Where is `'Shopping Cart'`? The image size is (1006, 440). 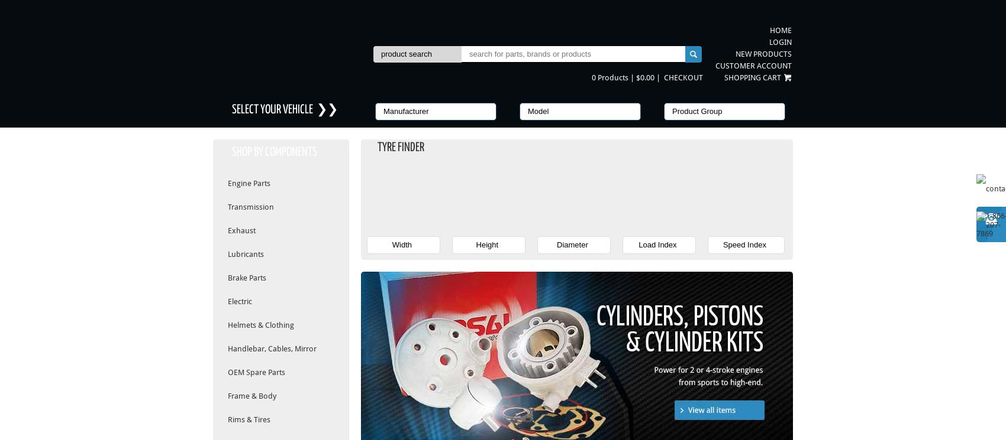 'Shopping Cart' is located at coordinates (724, 77).